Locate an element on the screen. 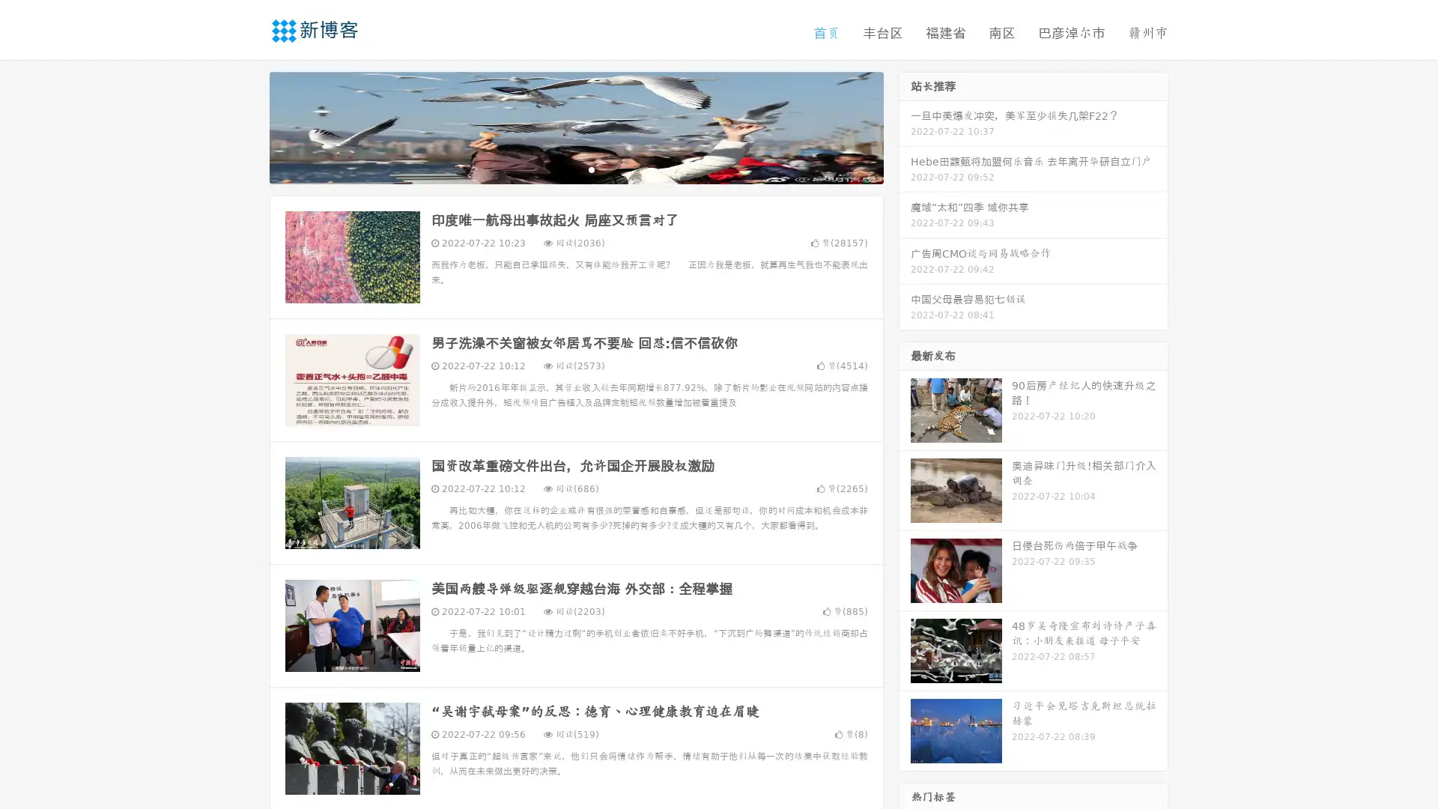 The width and height of the screenshot is (1438, 809). Previous slide is located at coordinates (247, 126).